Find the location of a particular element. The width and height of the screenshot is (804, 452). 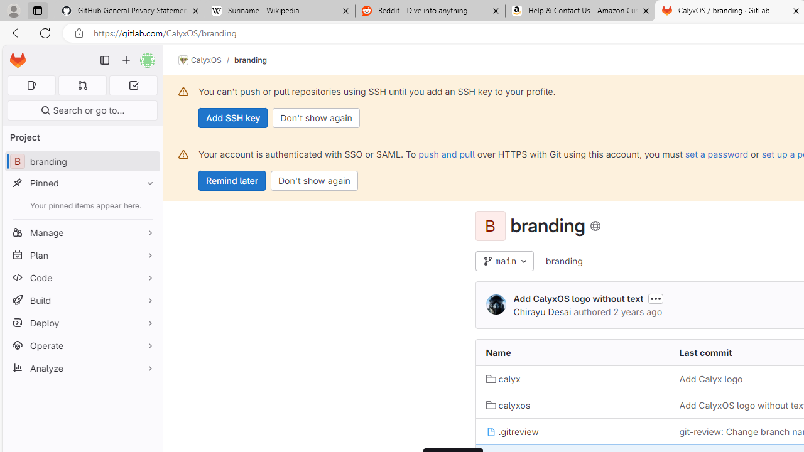

'.gitreview' is located at coordinates (512, 431).